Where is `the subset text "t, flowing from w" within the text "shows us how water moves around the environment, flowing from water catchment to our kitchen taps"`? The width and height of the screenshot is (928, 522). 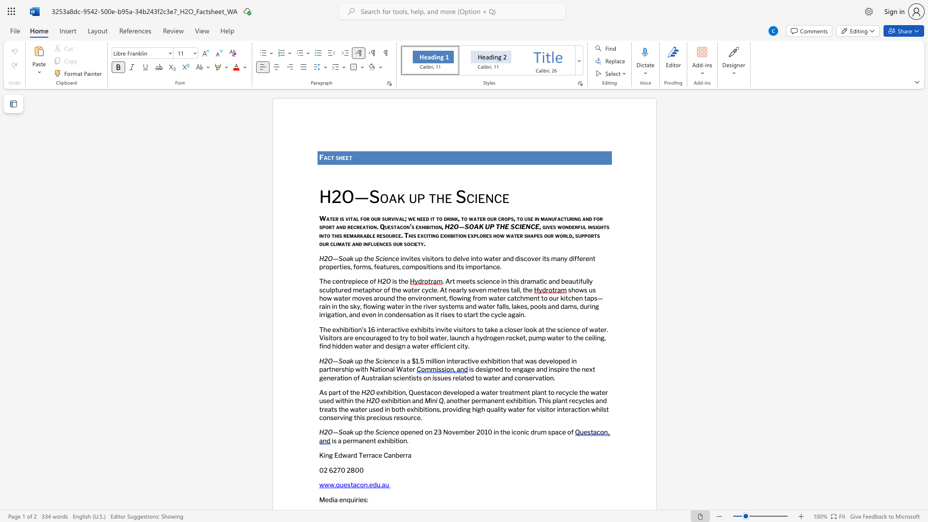
the subset text "t, flowing from w" within the text "shows us how water moves around the environment, flowing from water catchment to our kitchen taps" is located at coordinates (443, 297).